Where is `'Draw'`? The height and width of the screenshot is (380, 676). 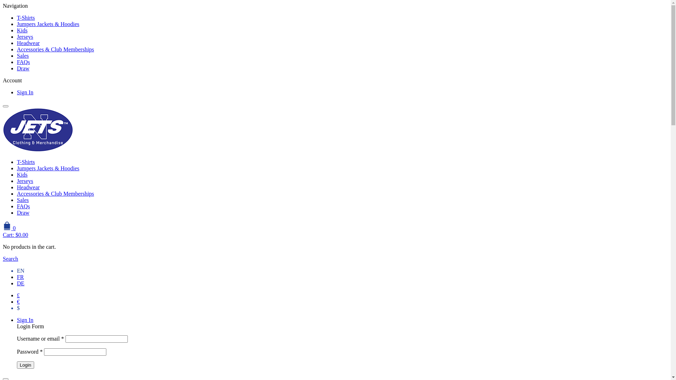
'Draw' is located at coordinates (23, 68).